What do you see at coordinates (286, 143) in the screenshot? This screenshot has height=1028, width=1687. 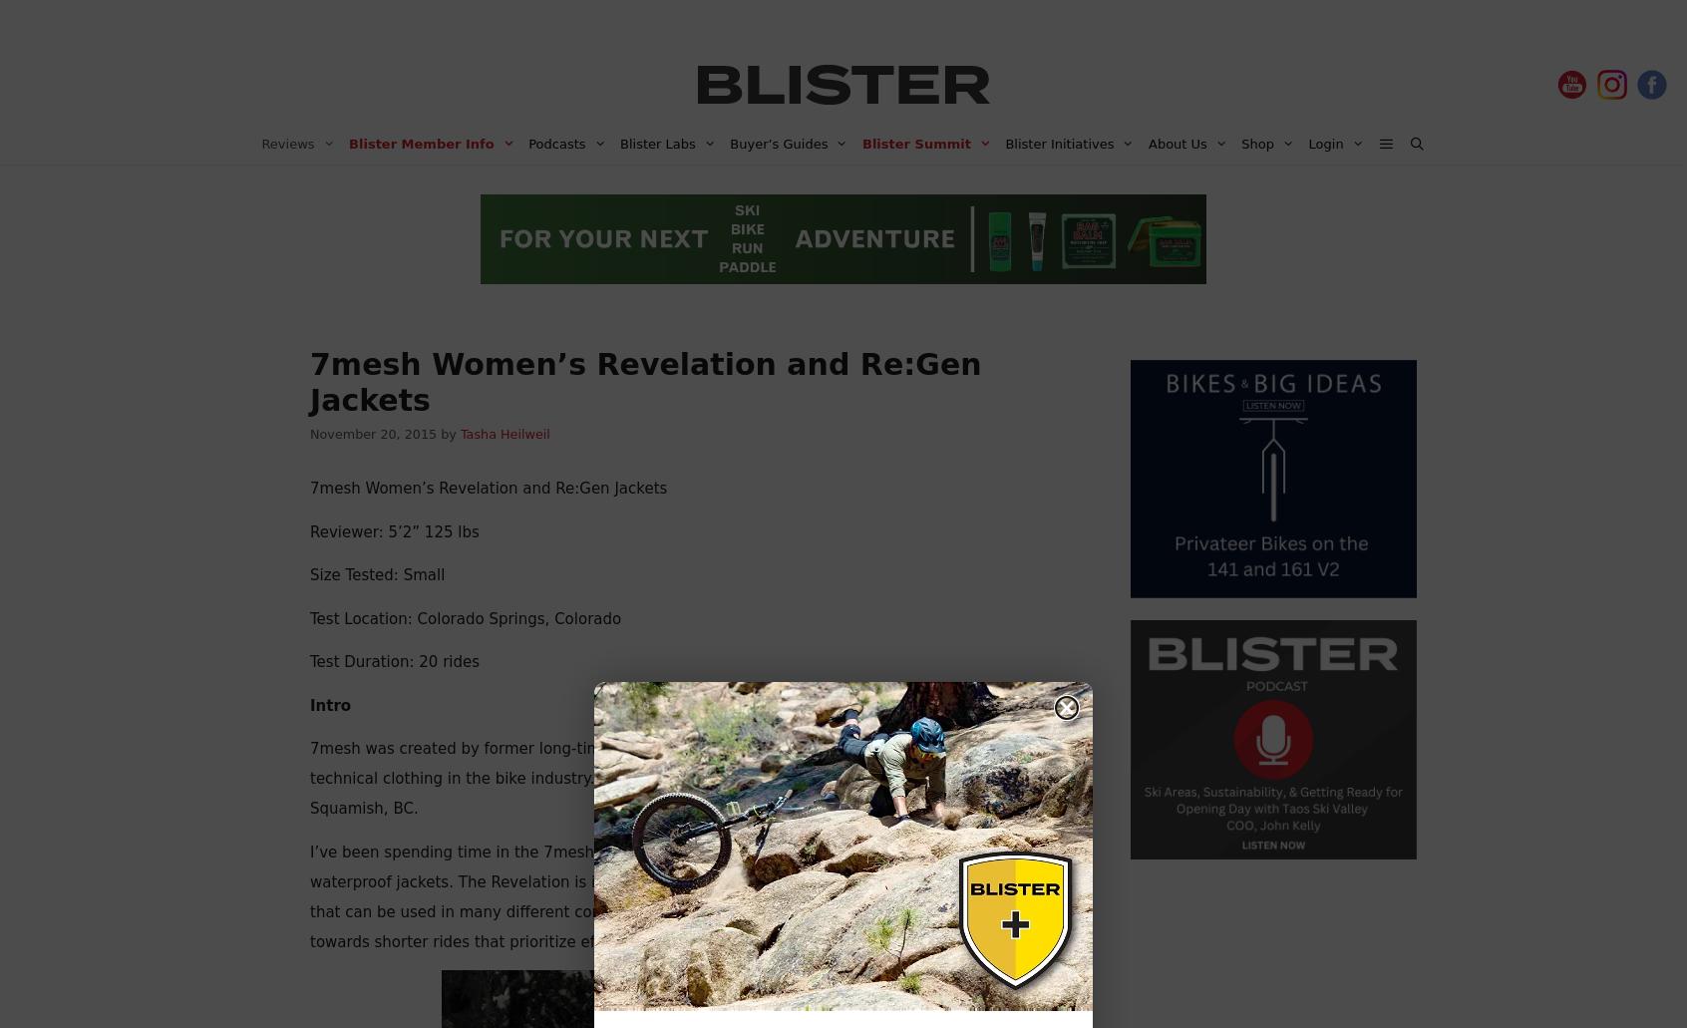 I see `'Reviews'` at bounding box center [286, 143].